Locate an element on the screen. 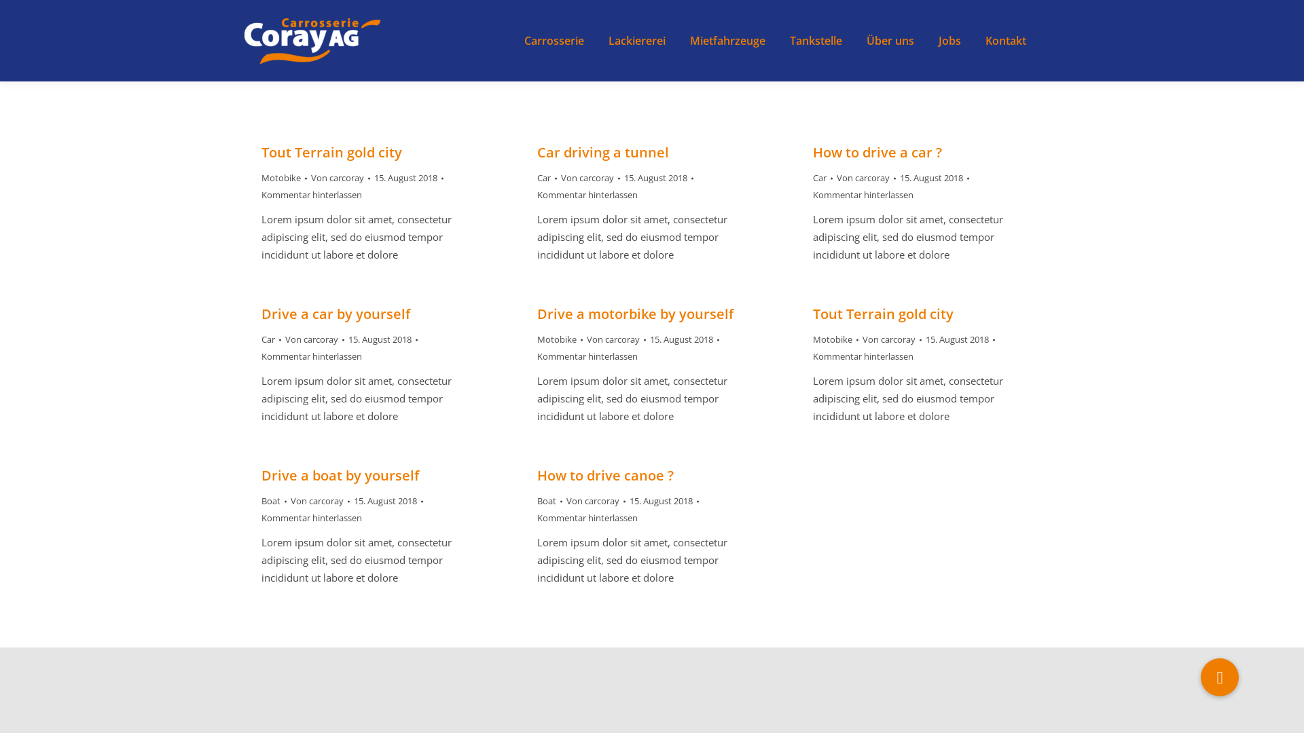 The width and height of the screenshot is (1304, 733). 'Car' is located at coordinates (537, 177).